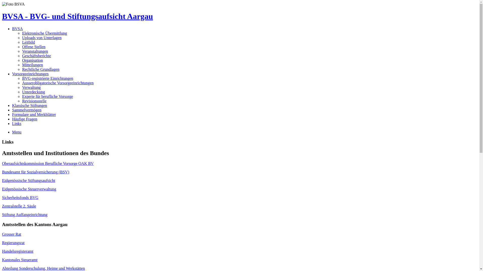  I want to click on 'Offene Stellen', so click(33, 47).